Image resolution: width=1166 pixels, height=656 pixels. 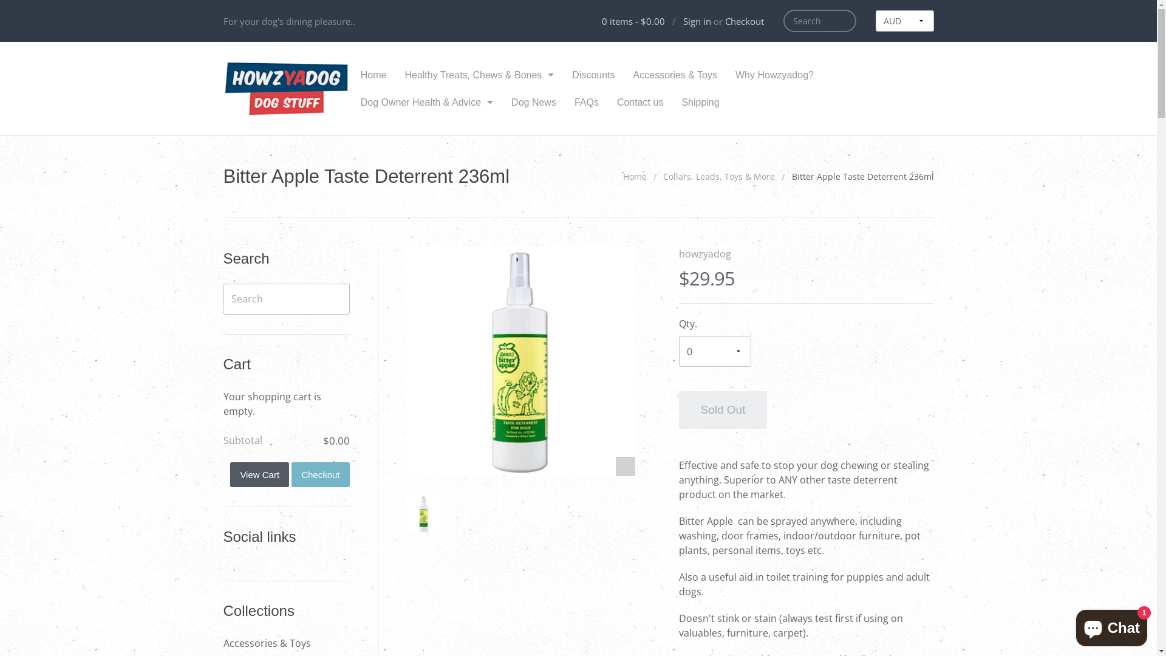 I want to click on 'Accessories & Toys', so click(x=285, y=643).